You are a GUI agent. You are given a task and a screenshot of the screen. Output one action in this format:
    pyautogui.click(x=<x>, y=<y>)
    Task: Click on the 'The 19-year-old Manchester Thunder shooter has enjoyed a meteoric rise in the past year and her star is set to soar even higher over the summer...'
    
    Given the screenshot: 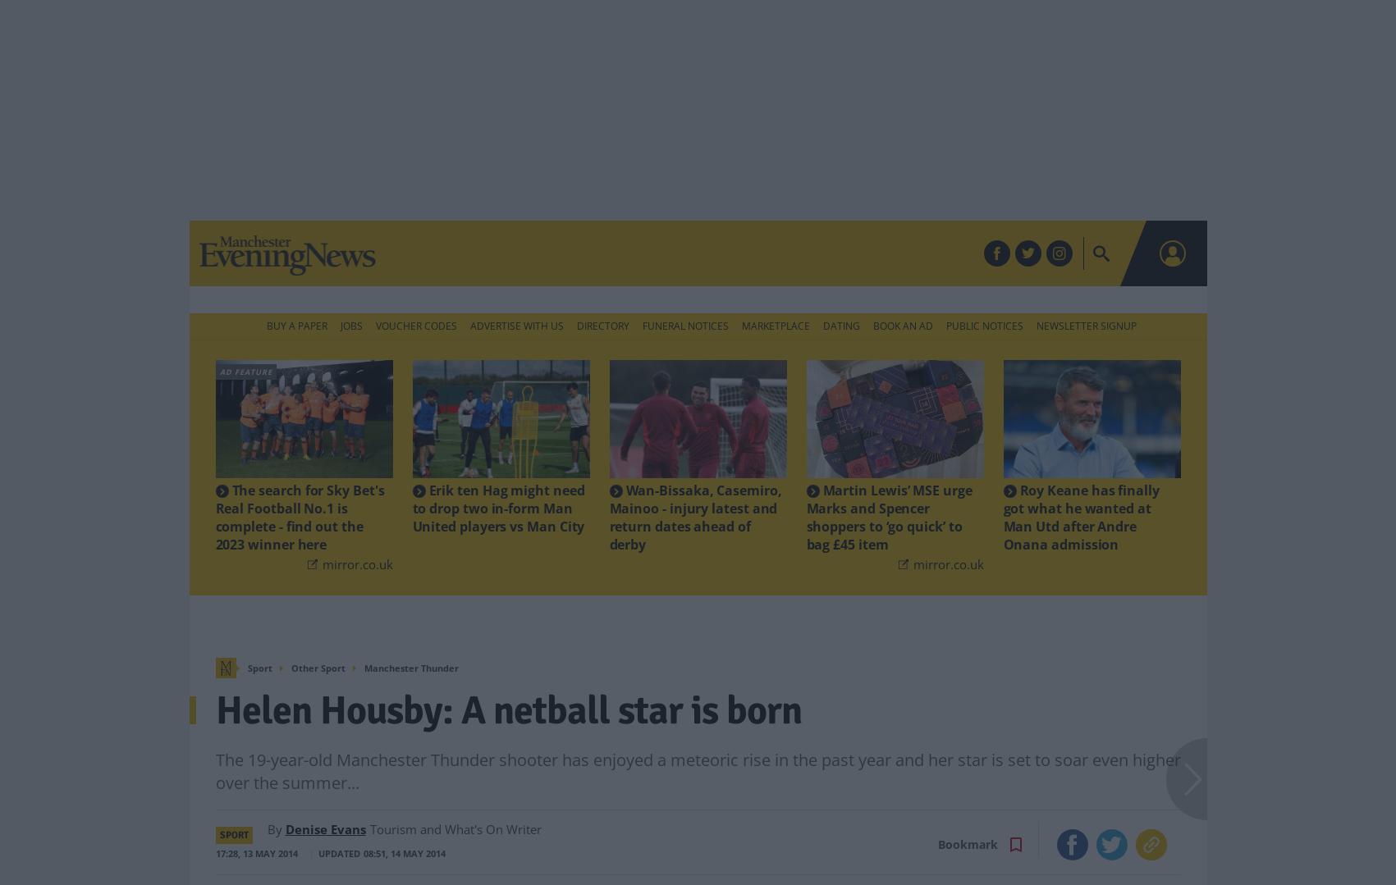 What is the action you would take?
    pyautogui.click(x=697, y=743)
    